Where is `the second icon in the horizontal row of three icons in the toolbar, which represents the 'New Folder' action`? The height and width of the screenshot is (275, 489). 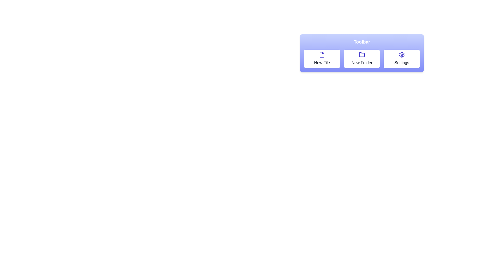 the second icon in the horizontal row of three icons in the toolbar, which represents the 'New Folder' action is located at coordinates (361, 54).